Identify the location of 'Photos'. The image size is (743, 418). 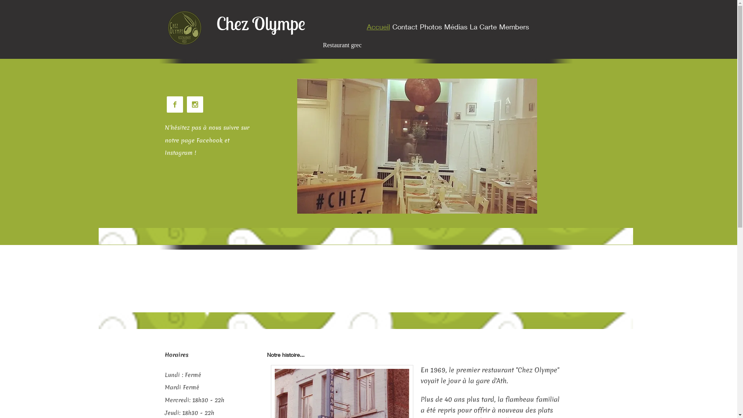
(430, 26).